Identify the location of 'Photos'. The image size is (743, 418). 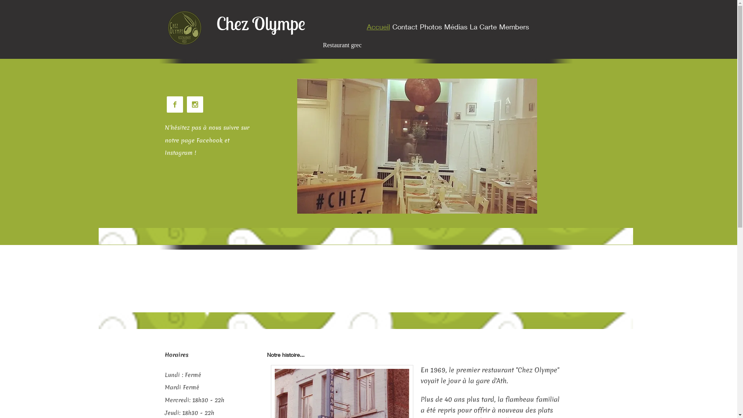
(430, 26).